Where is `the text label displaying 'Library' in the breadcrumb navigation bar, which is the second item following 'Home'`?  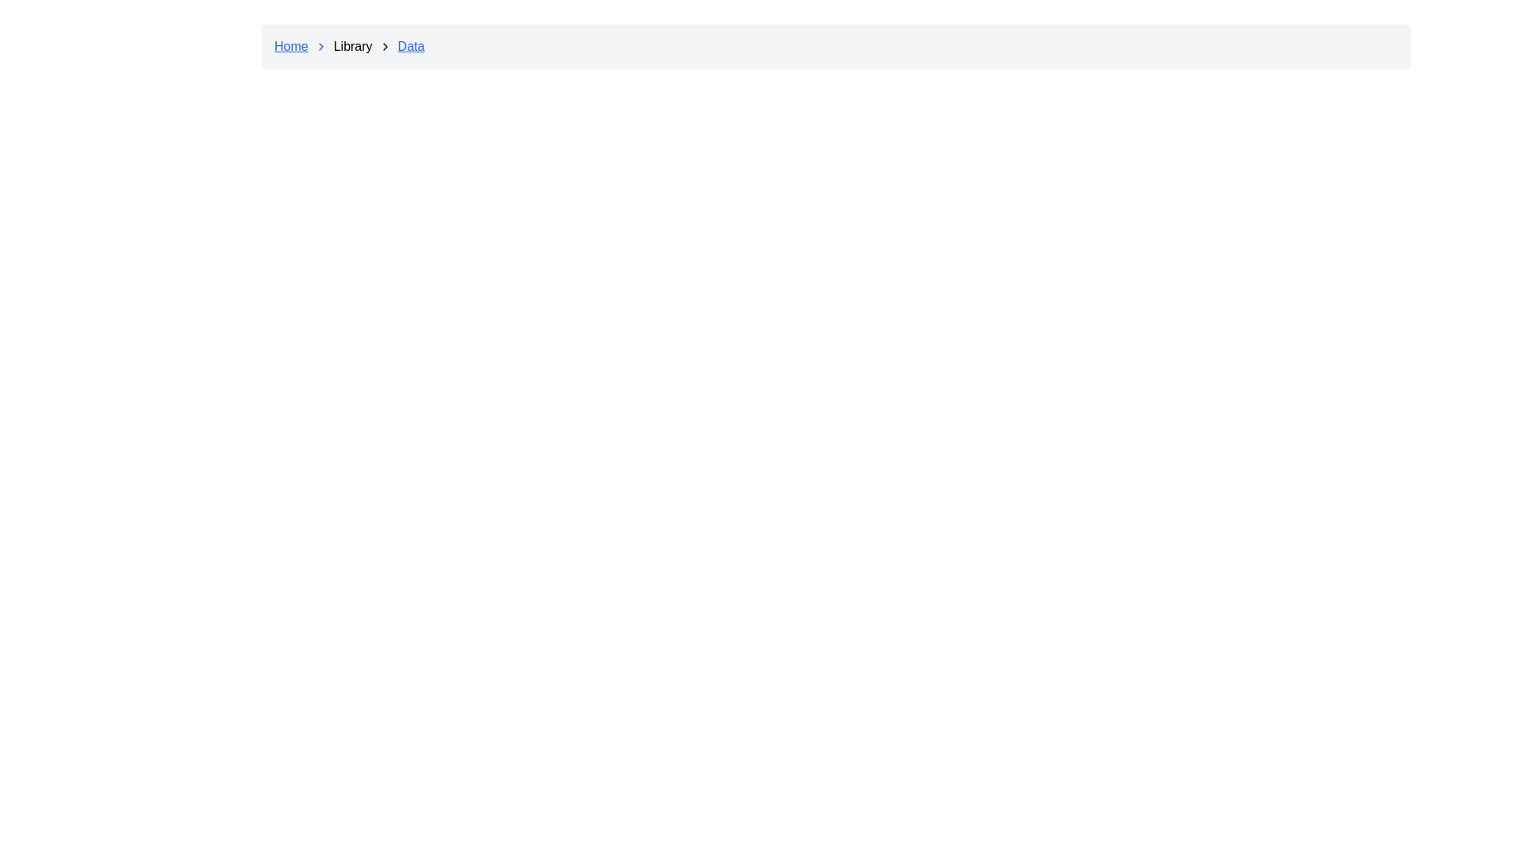
the text label displaying 'Library' in the breadcrumb navigation bar, which is the second item following 'Home' is located at coordinates (362, 45).